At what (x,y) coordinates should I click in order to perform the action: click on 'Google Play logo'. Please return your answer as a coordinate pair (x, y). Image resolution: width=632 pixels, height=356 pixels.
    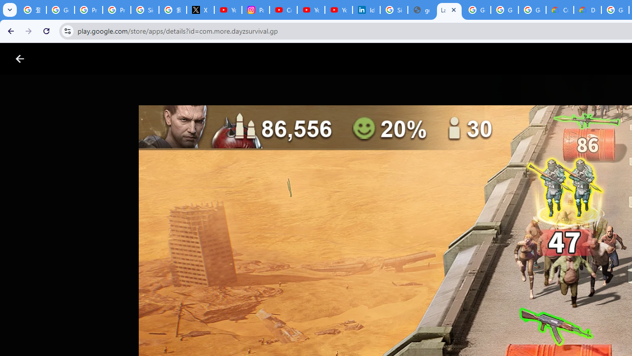
    Looking at the image, I should click on (55, 59).